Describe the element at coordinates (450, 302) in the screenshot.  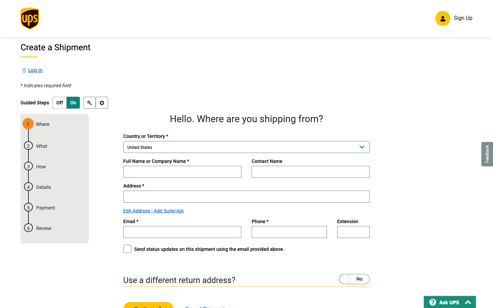
I see `the "frequently_asked_questions" link by using the "Ask UPS" feature on the website` at that location.